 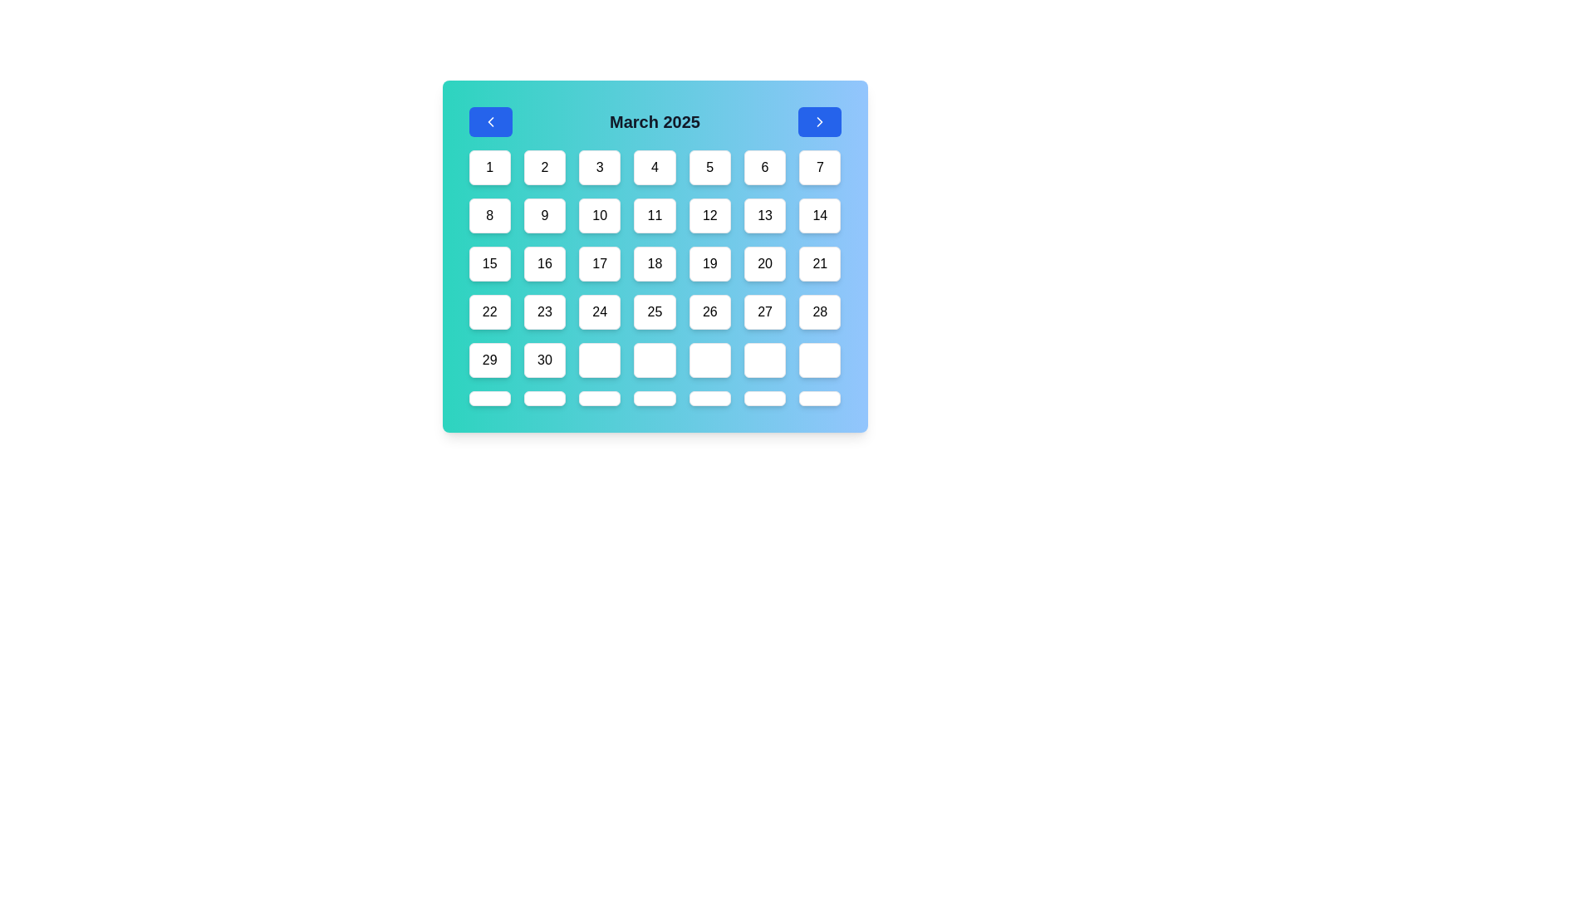 I want to click on the button representing the date '18' in the calendar for March 2025, so click(x=654, y=262).